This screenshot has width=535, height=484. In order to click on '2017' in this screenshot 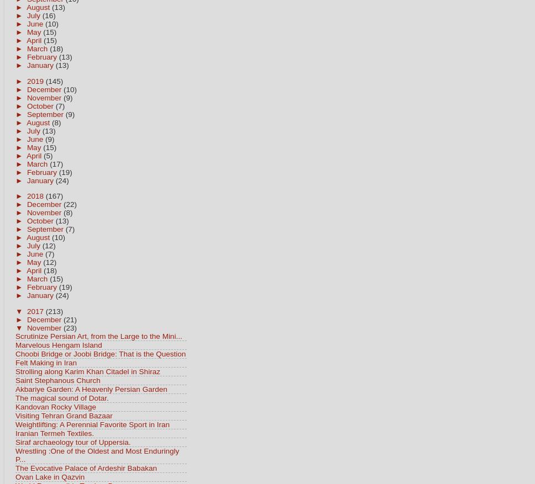, I will do `click(35, 311)`.